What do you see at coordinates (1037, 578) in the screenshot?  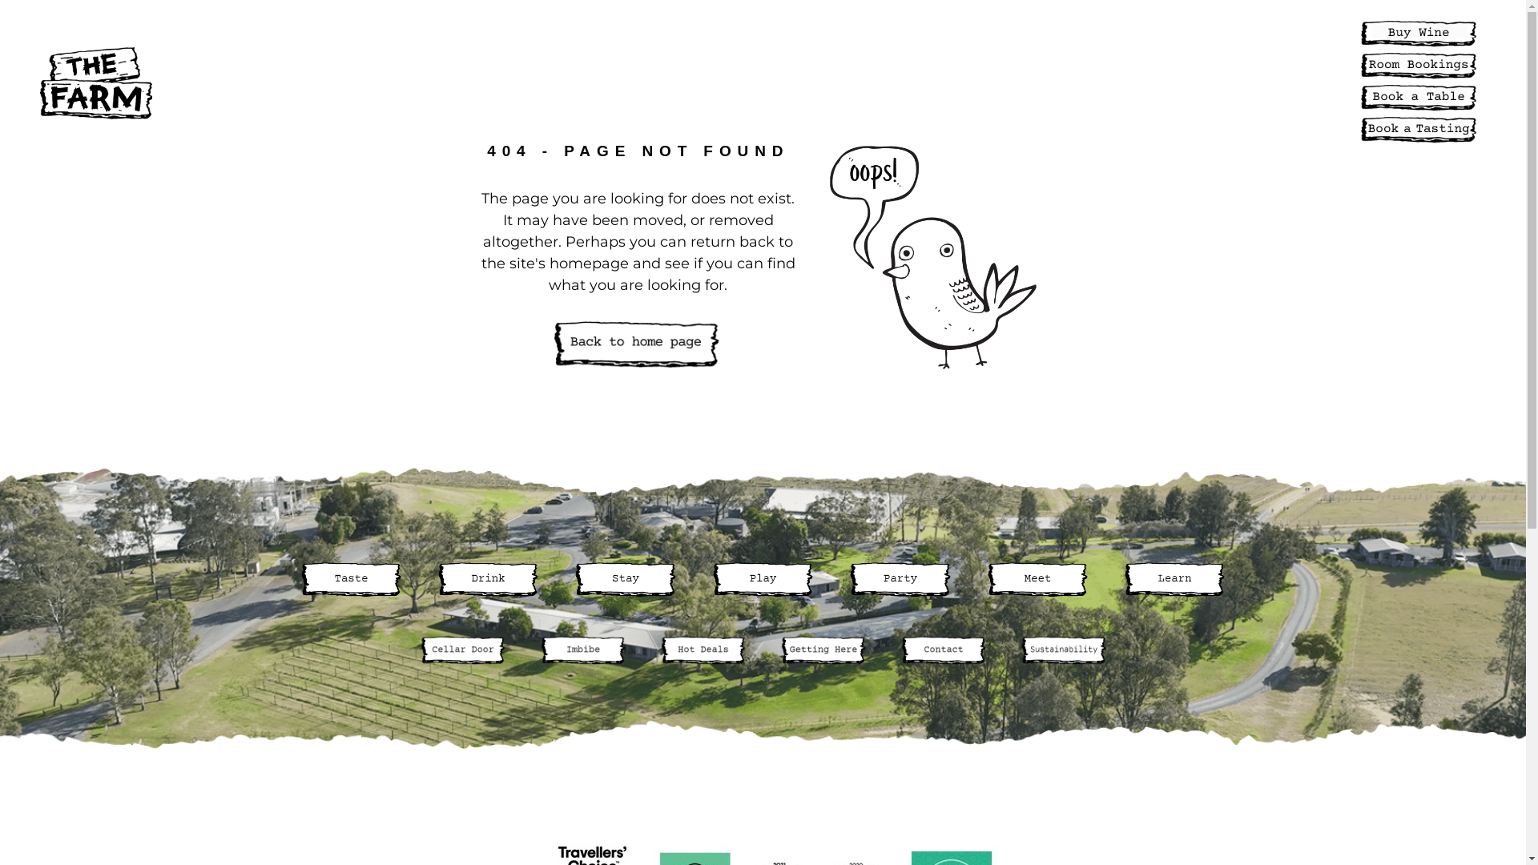 I see `'Meet-8'` at bounding box center [1037, 578].